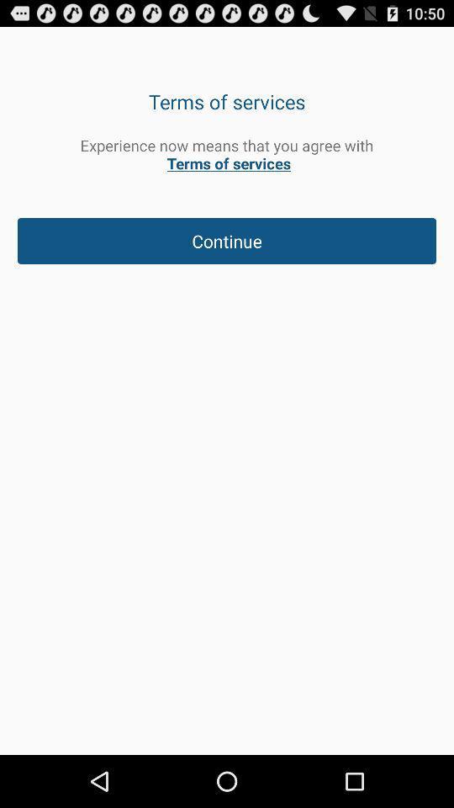 This screenshot has height=808, width=454. What do you see at coordinates (227, 154) in the screenshot?
I see `icon below terms of services` at bounding box center [227, 154].